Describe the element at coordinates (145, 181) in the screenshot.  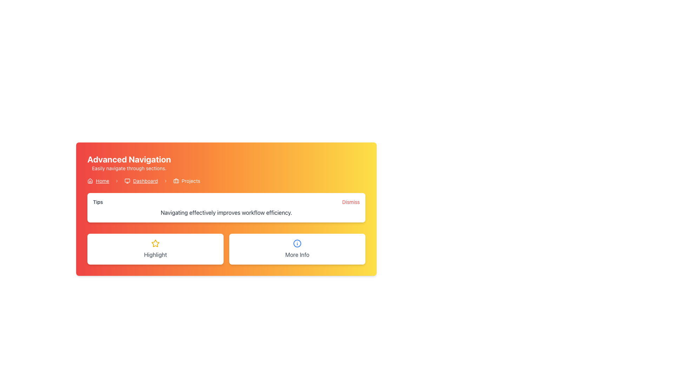
I see `the 'Dashboard' hyperlink in the breadcrumb navigation bar` at that location.